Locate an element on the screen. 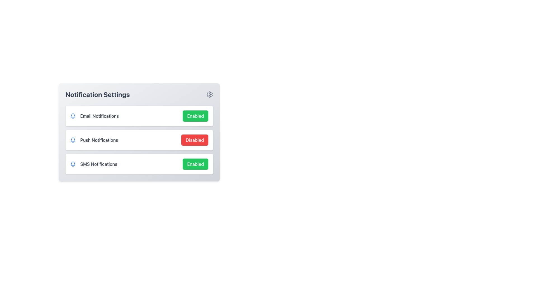 This screenshot has height=302, width=537. the 'Push Notifications' text label, which displays a bell icon and is styled in medium-weight gray font, located between 'Email Notifications' and 'SMS Notifications' is located at coordinates (94, 140).